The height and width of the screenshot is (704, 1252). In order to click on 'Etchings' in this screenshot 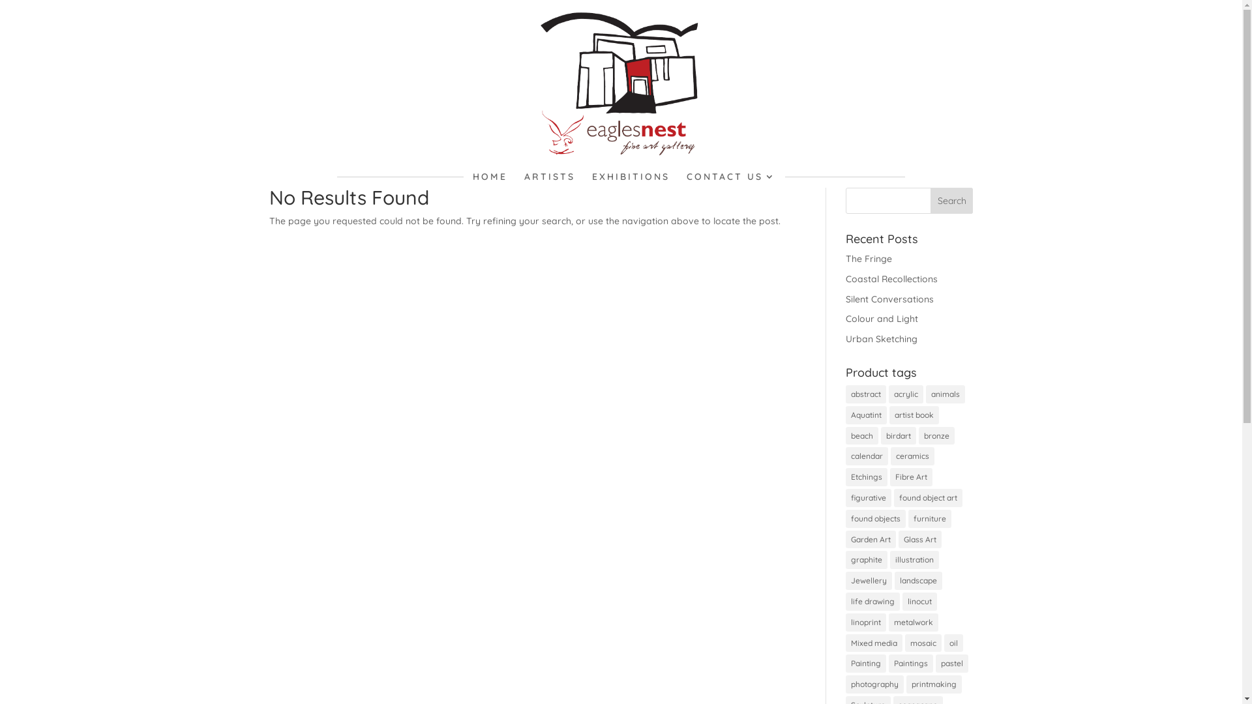, I will do `click(867, 477)`.